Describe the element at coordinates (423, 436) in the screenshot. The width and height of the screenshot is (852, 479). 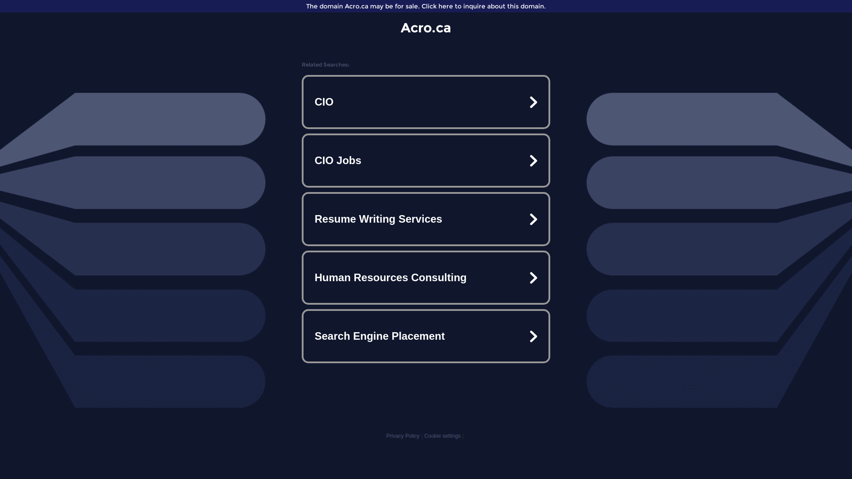
I see `'Cookie settings'` at that location.